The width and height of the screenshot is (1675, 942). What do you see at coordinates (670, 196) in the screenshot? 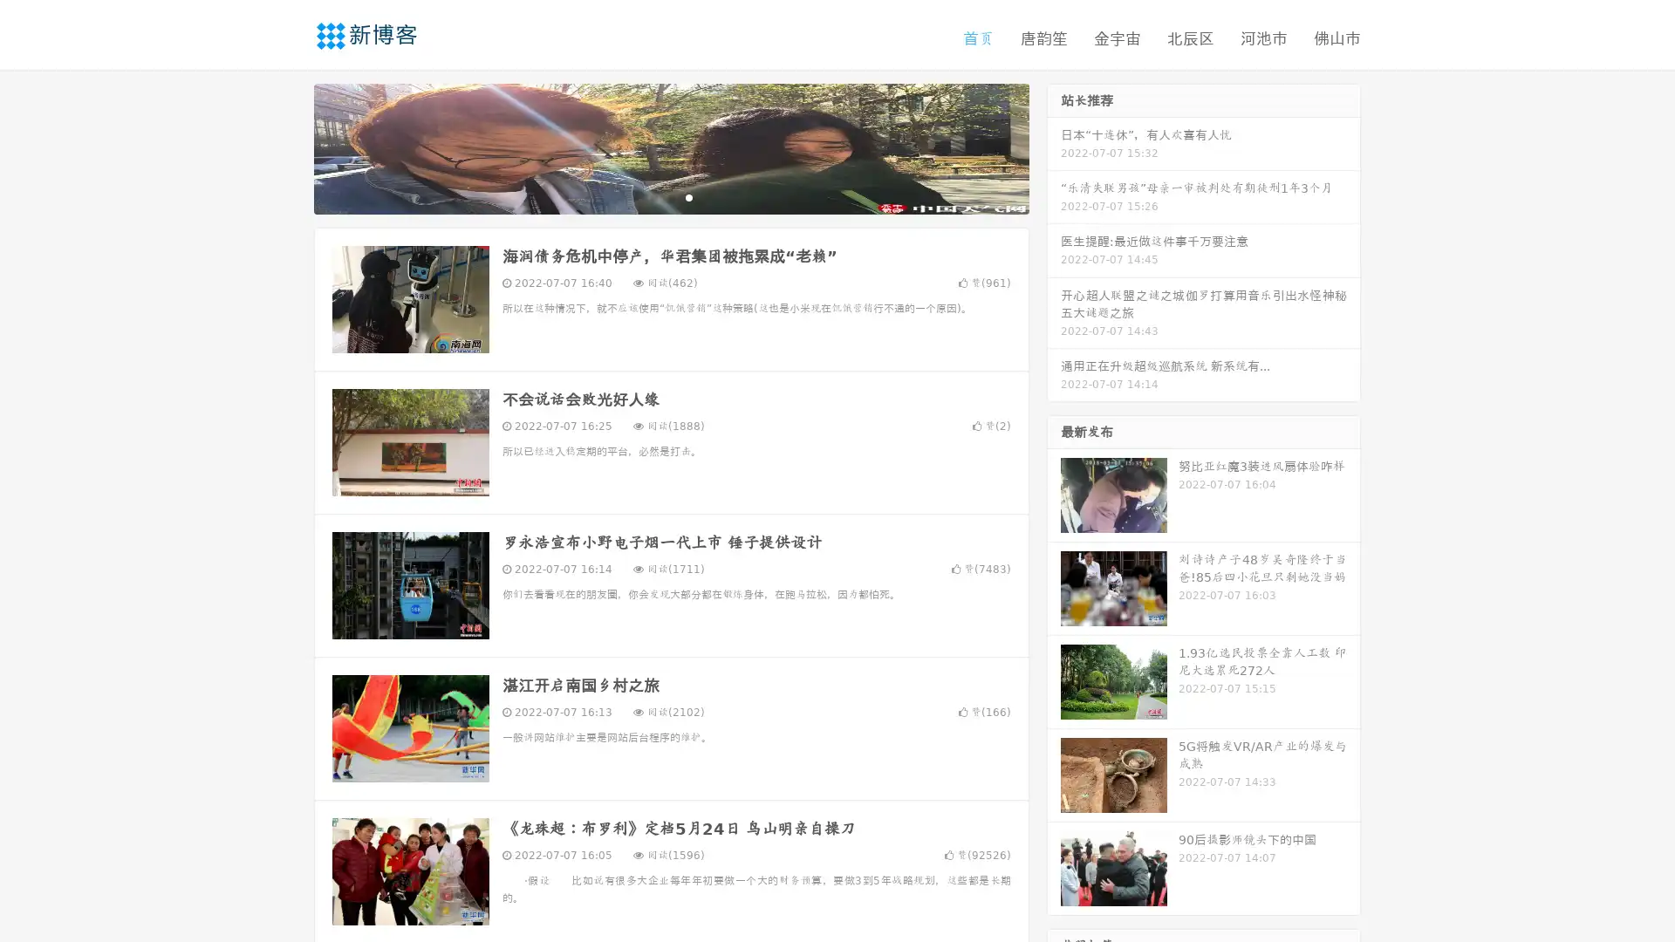
I see `Go to slide 2` at bounding box center [670, 196].